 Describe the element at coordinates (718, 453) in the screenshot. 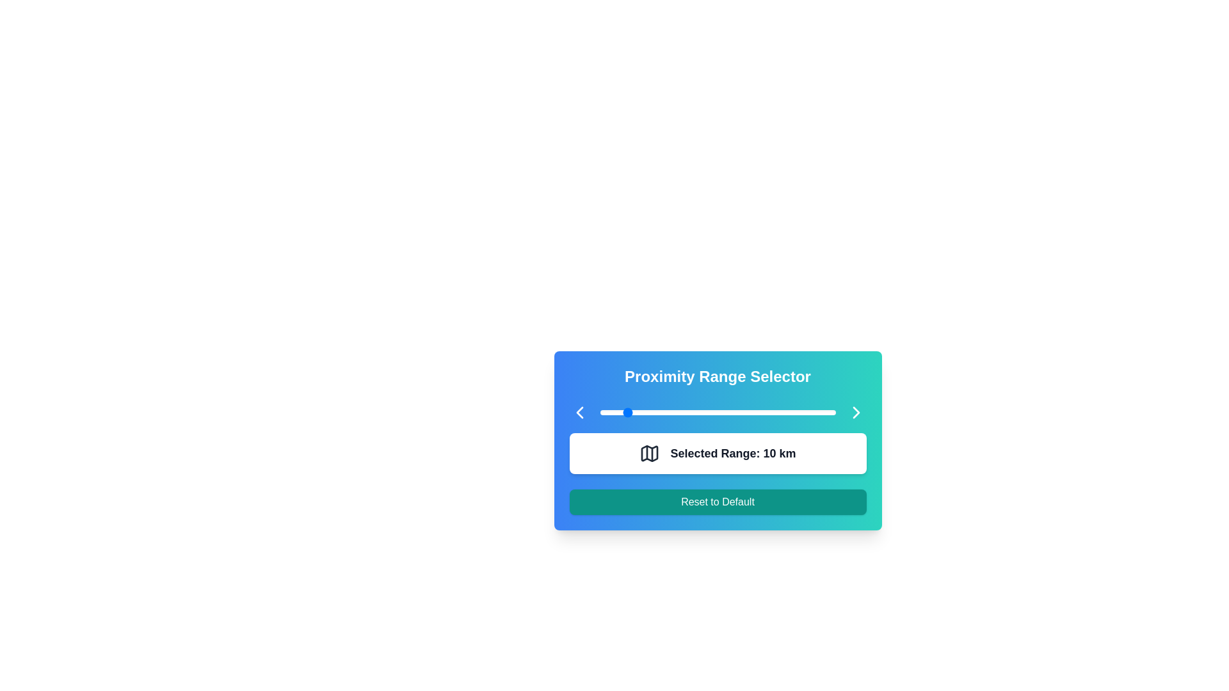

I see `the informational label displaying the currently selected range of '10 km', which is located below the proximity range slider and above the 'Reset to Default' button` at that location.